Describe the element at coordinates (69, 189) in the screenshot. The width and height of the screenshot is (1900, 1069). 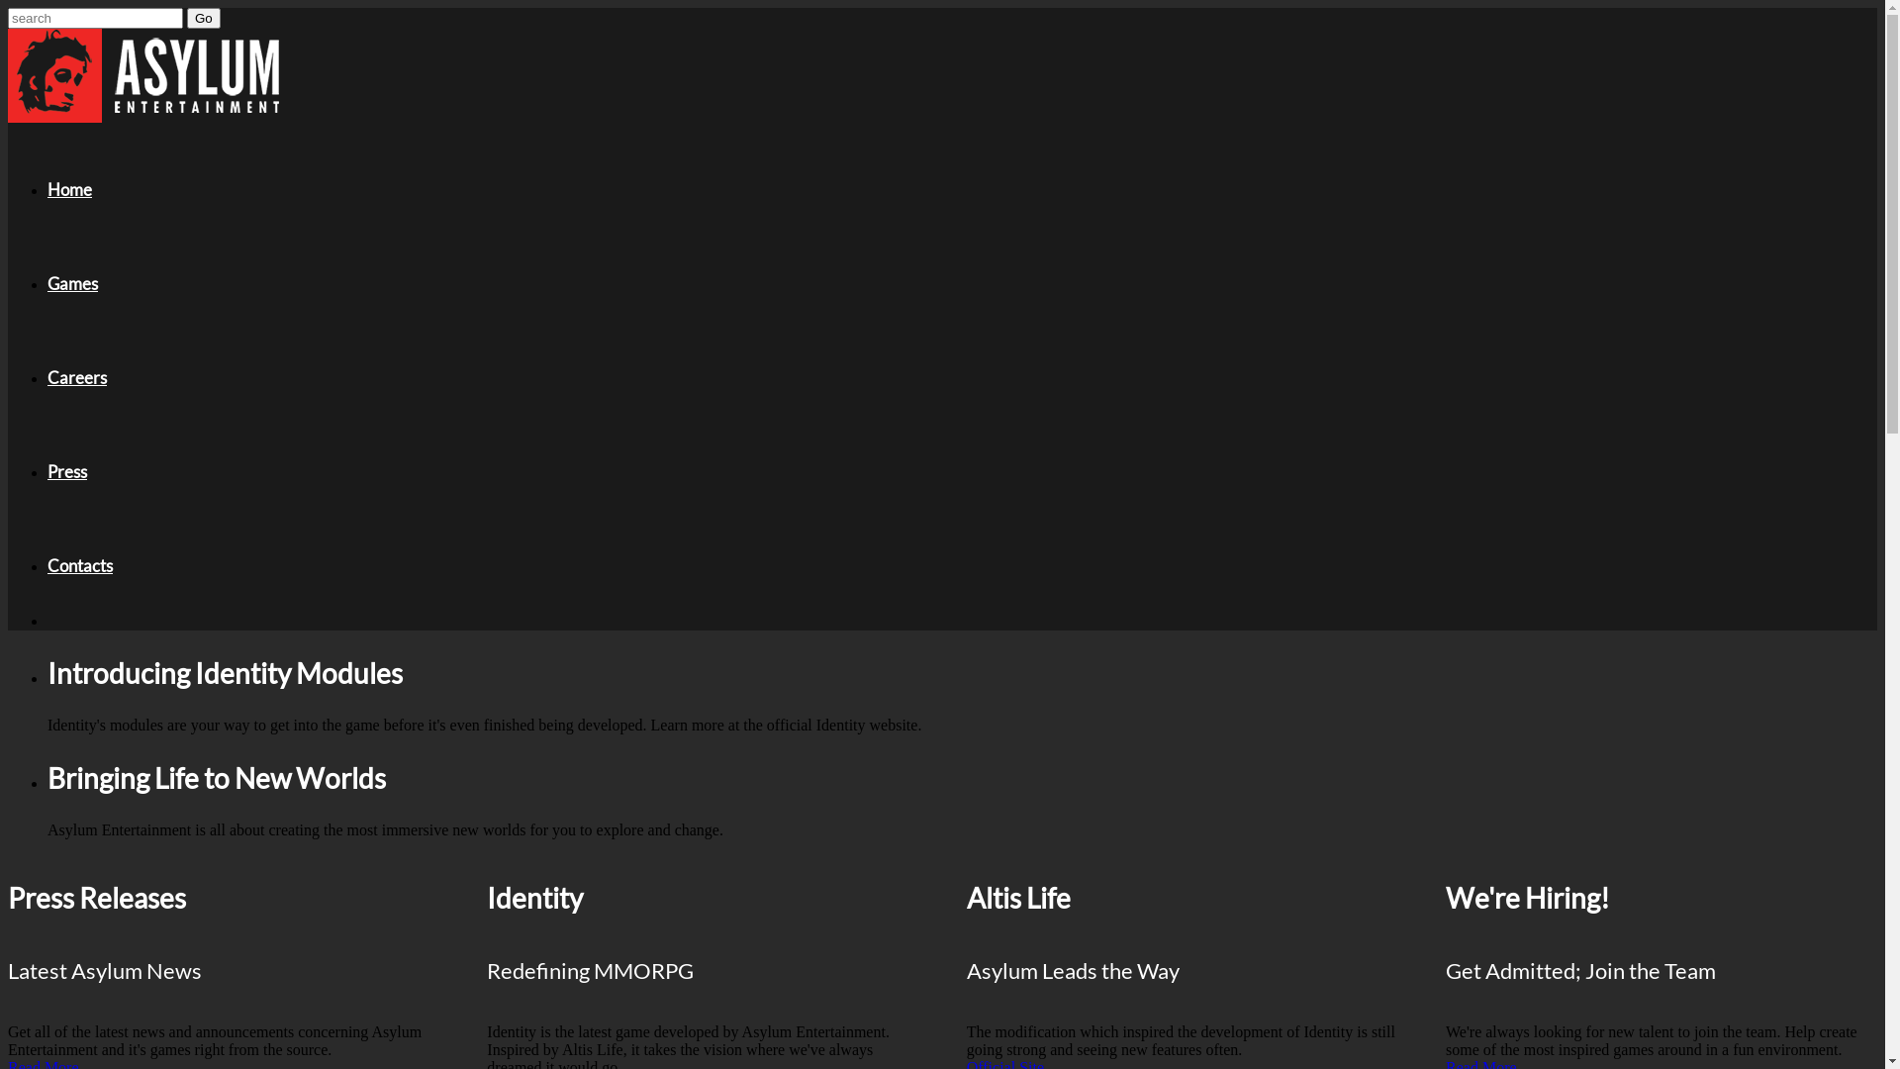
I see `'Home'` at that location.